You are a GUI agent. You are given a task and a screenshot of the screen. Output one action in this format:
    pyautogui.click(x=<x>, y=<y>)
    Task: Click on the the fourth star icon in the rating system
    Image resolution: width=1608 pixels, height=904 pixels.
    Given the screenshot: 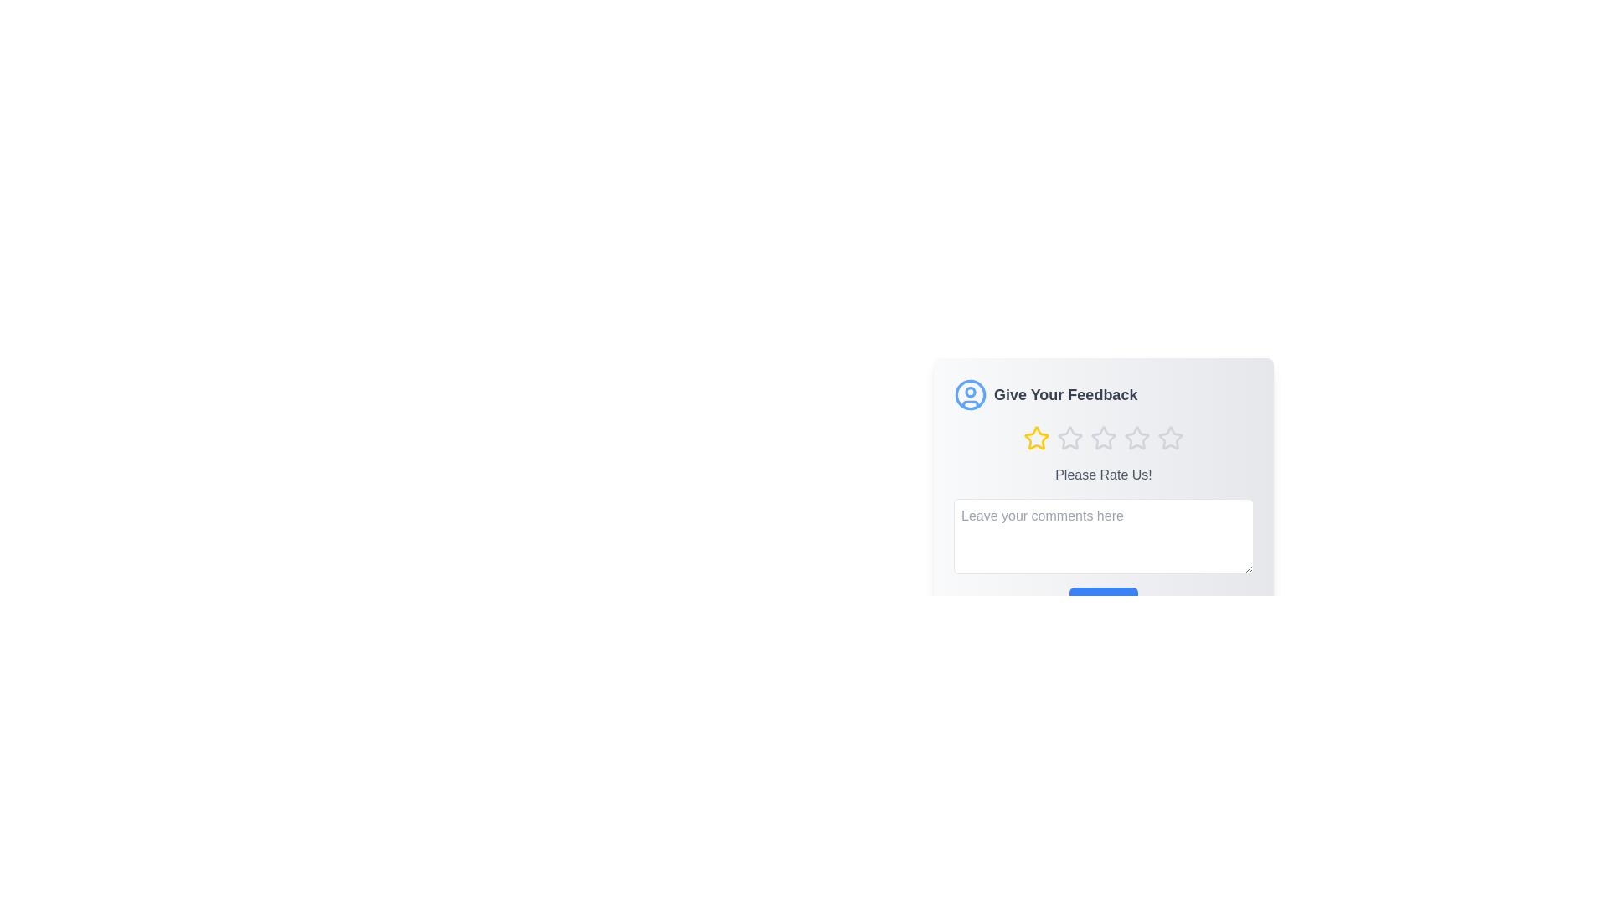 What is the action you would take?
    pyautogui.click(x=1137, y=437)
    